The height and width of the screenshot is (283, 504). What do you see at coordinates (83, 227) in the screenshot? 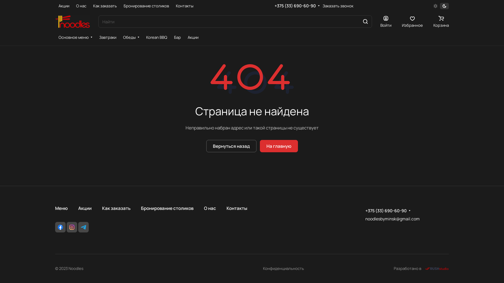
I see `'Telegram'` at bounding box center [83, 227].